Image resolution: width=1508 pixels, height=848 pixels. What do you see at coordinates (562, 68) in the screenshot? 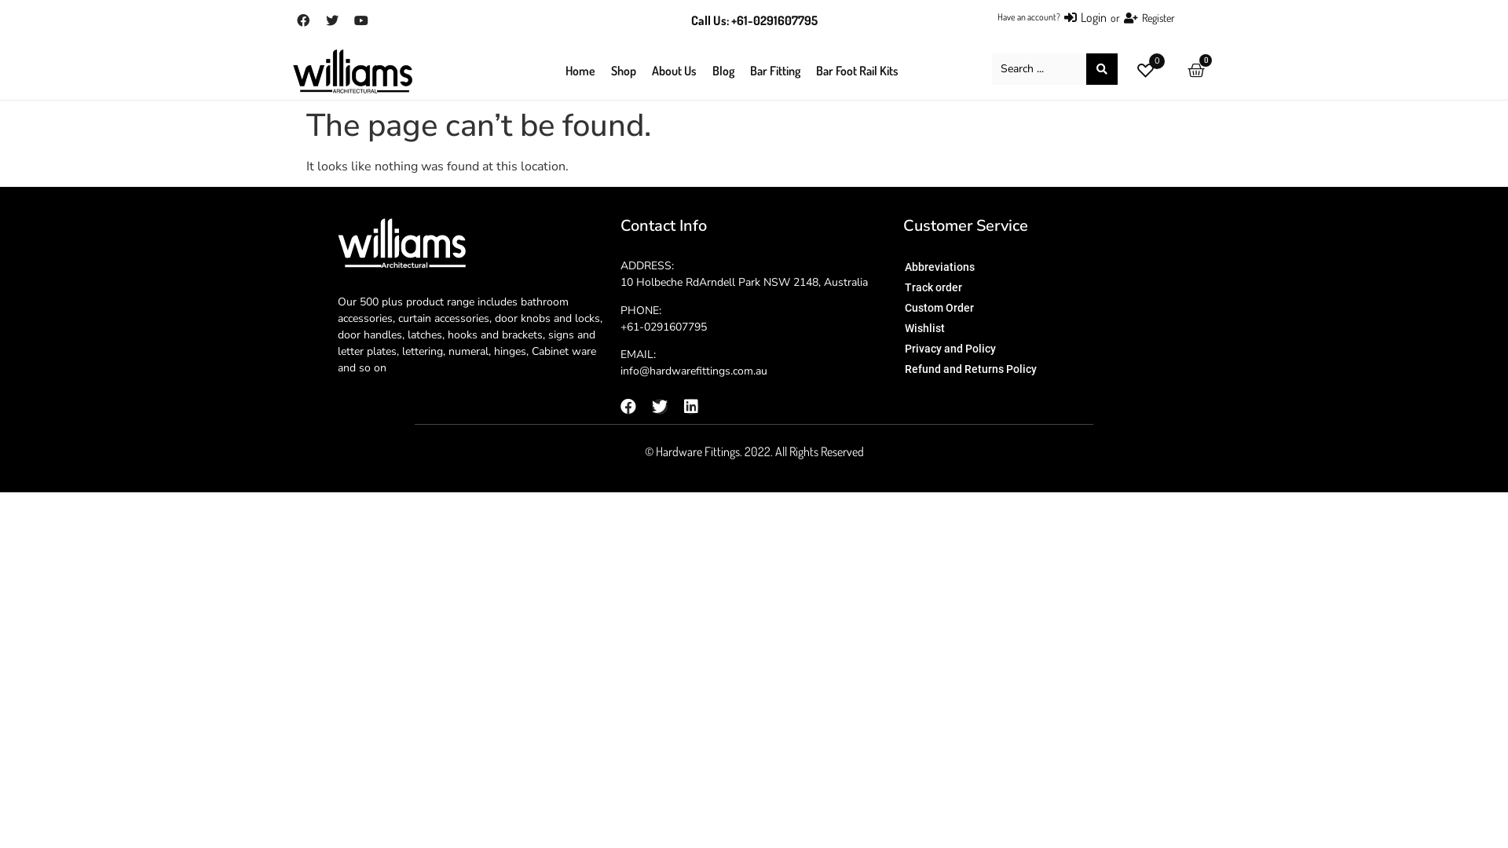
I see `'Home'` at bounding box center [562, 68].